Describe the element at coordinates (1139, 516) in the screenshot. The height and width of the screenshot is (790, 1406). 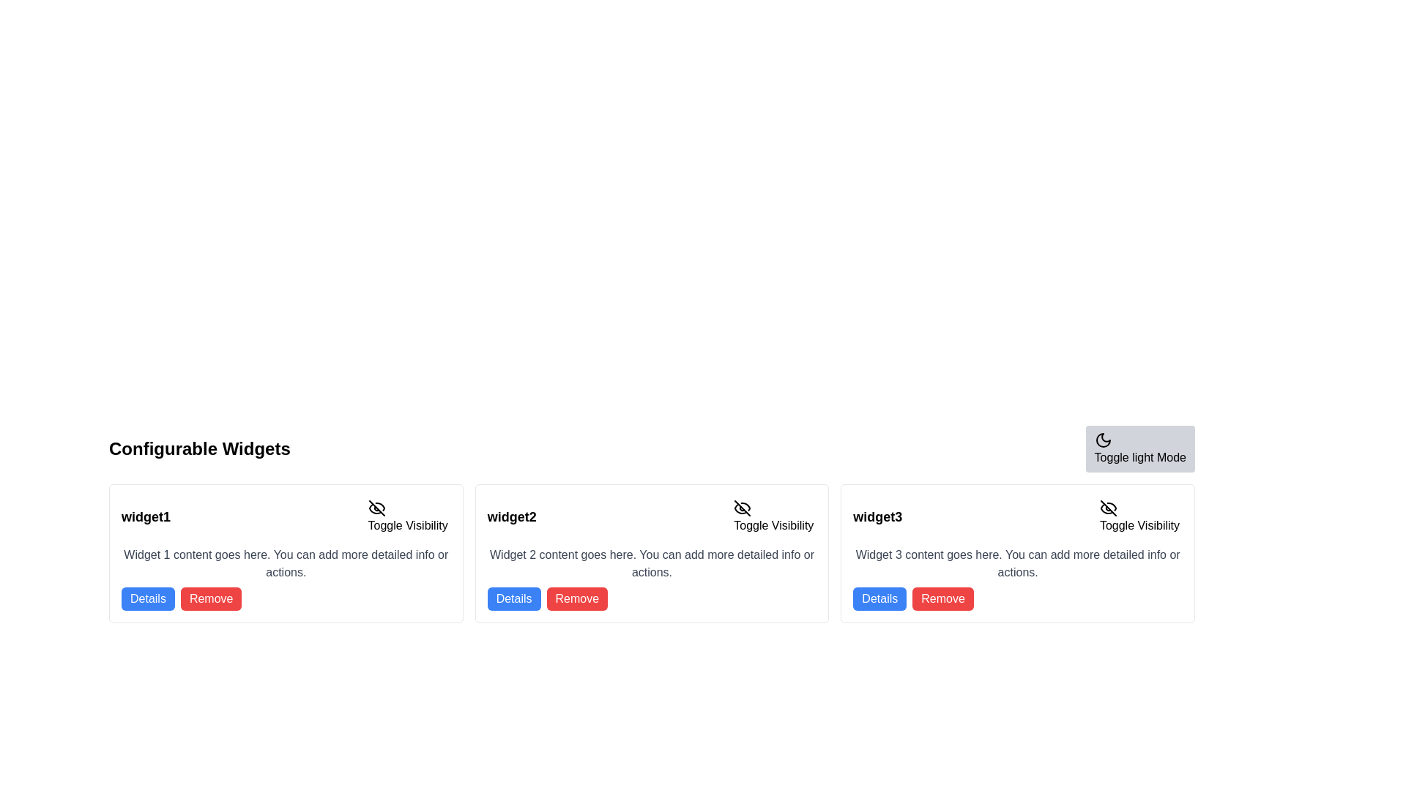
I see `the 'Toggle Visibility' button, which features an eye icon with a diagonal strike-through, located in the top-right corner of the 'widget3' section` at that location.